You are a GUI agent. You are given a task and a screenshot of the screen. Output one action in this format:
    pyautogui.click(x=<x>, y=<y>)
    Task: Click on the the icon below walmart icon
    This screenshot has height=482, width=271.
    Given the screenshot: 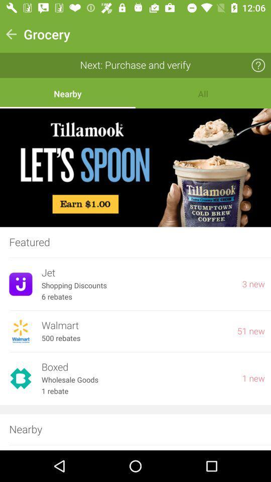 What is the action you would take?
    pyautogui.click(x=61, y=338)
    